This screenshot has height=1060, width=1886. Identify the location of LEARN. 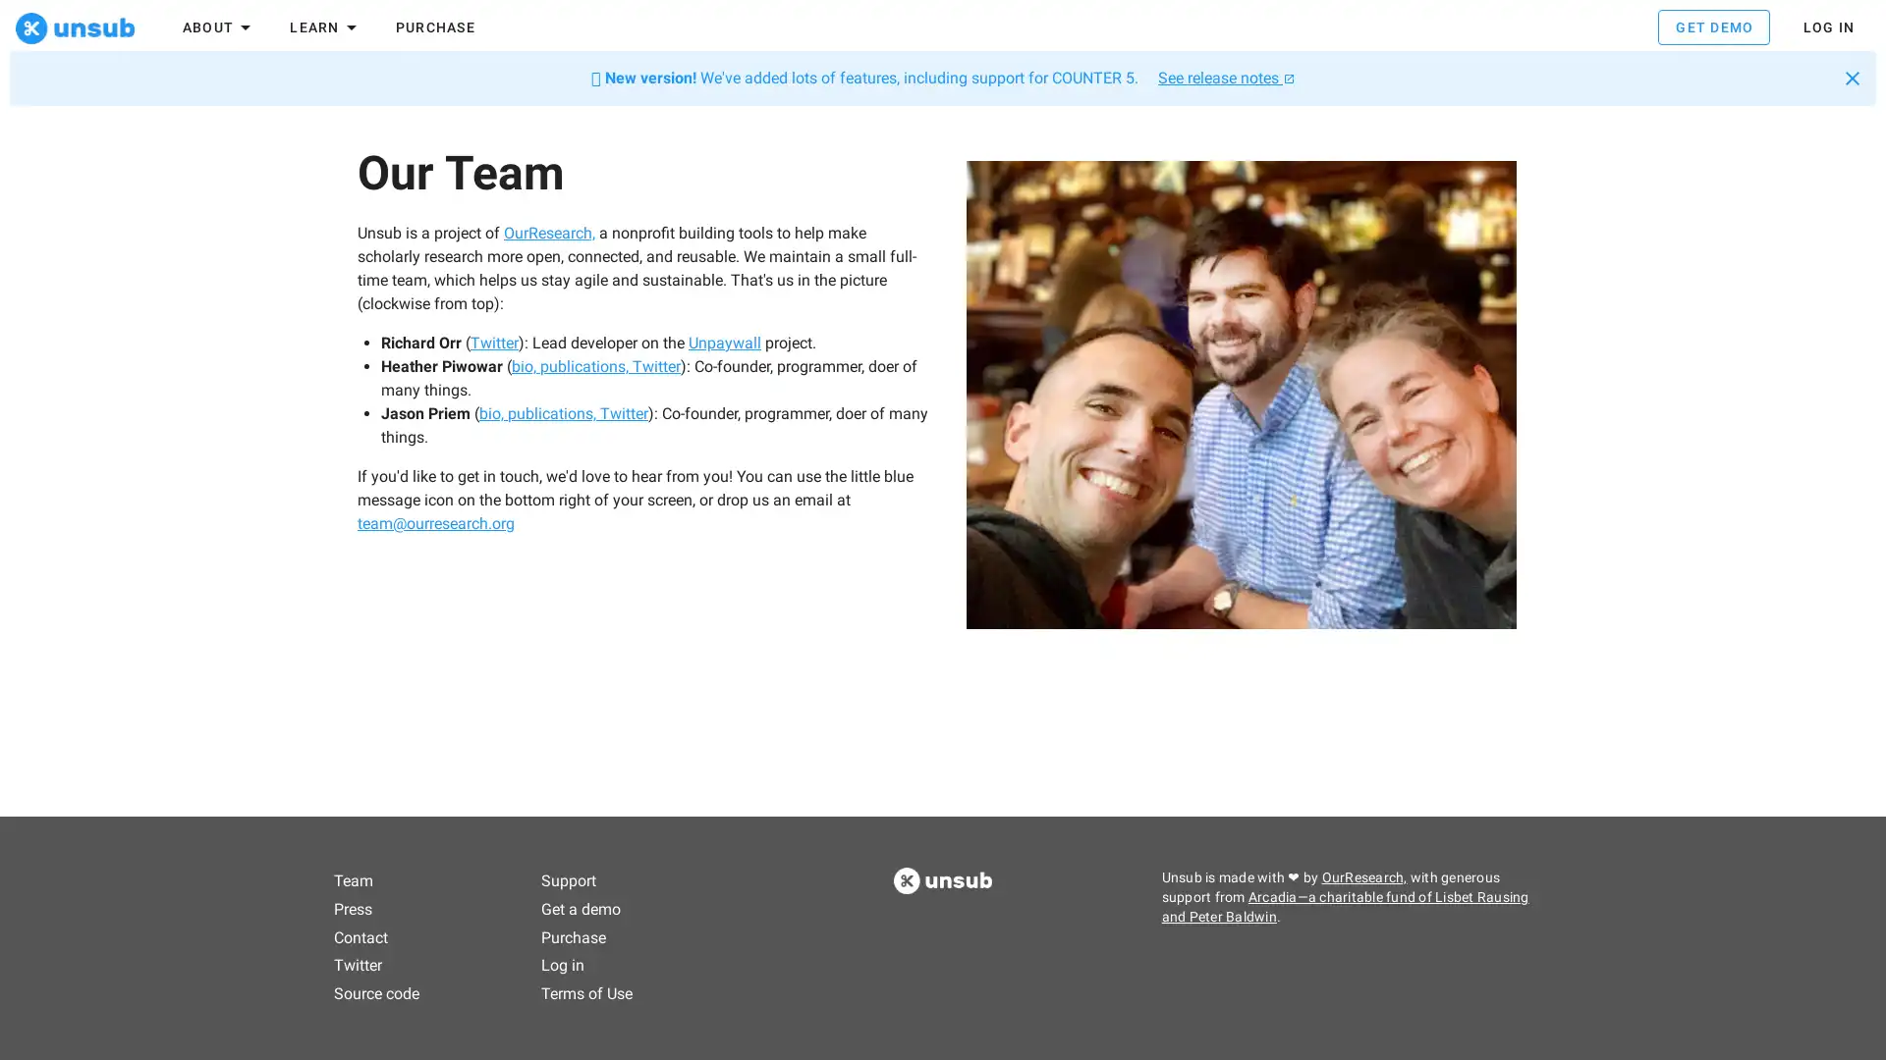
(325, 30).